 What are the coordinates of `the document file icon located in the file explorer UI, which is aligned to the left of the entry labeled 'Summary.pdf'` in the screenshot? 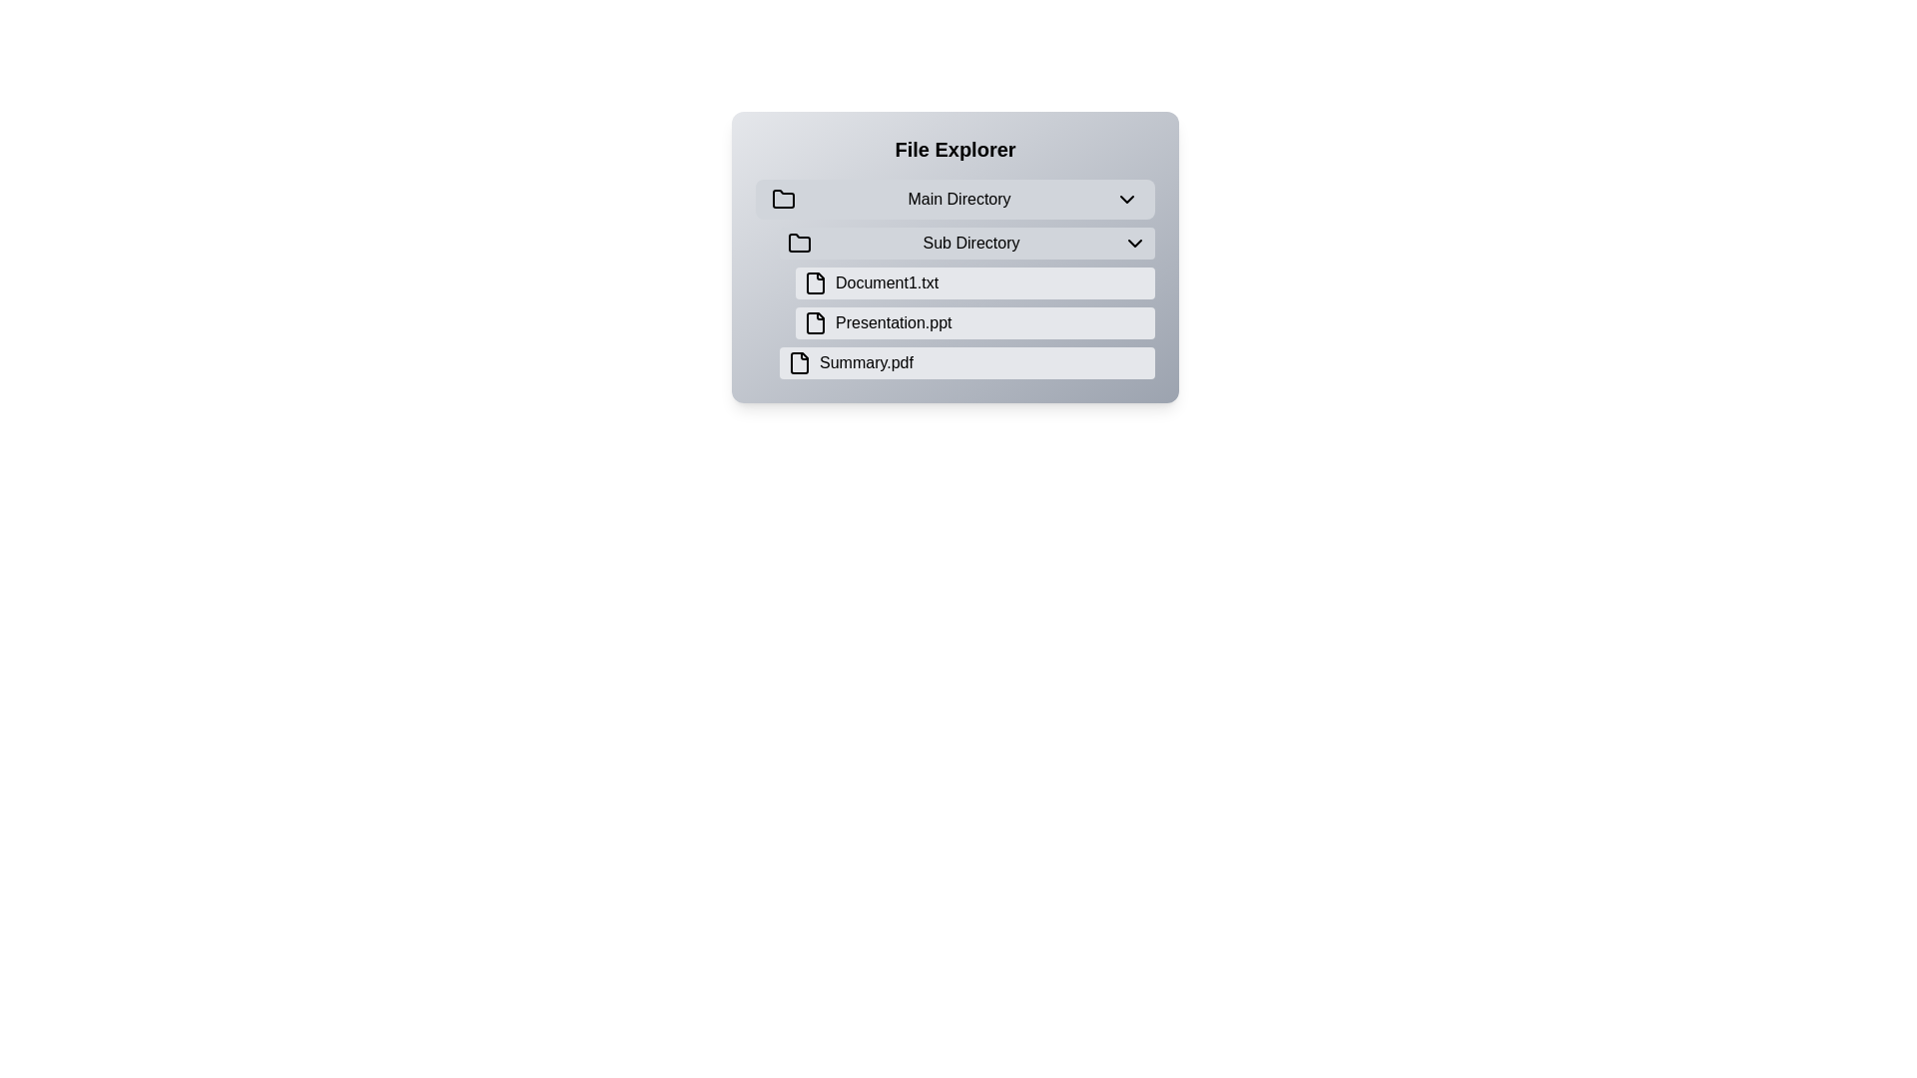 It's located at (800, 362).